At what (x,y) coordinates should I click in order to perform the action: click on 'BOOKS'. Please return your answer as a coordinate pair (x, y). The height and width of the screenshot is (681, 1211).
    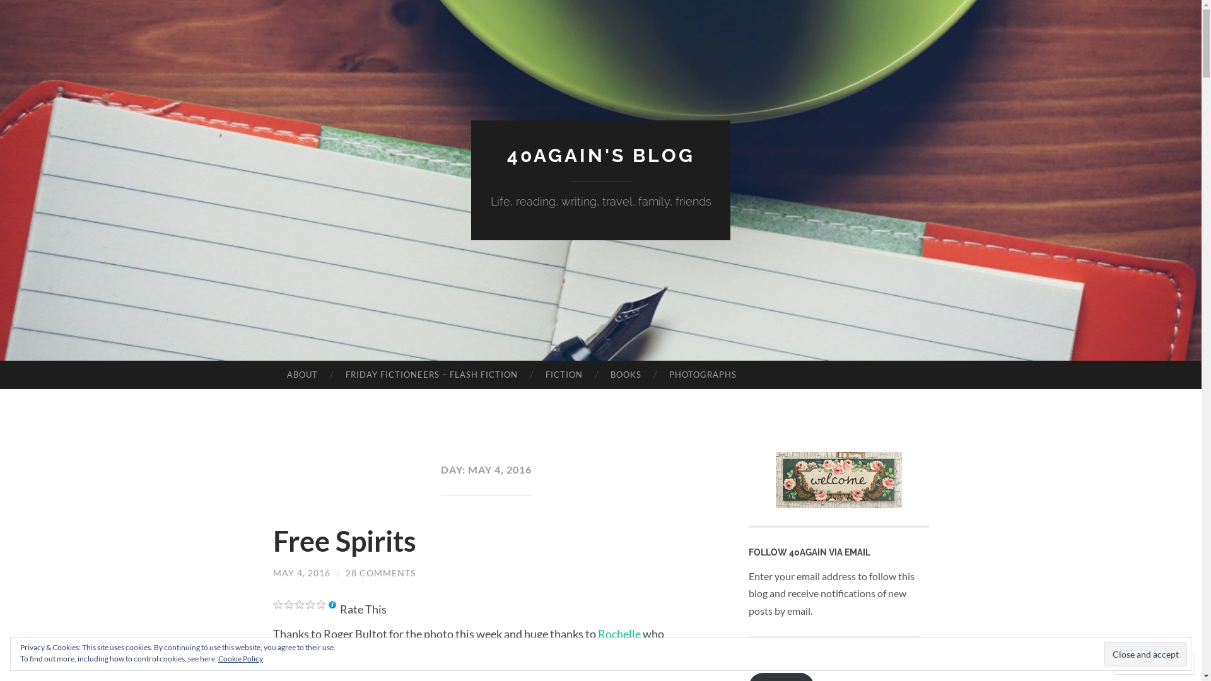
    Looking at the image, I should click on (626, 374).